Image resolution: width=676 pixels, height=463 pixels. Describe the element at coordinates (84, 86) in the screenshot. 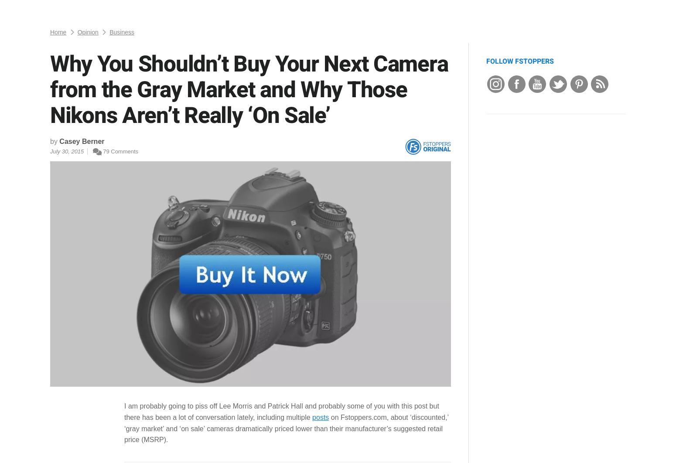

I see `'79 Comments'` at that location.